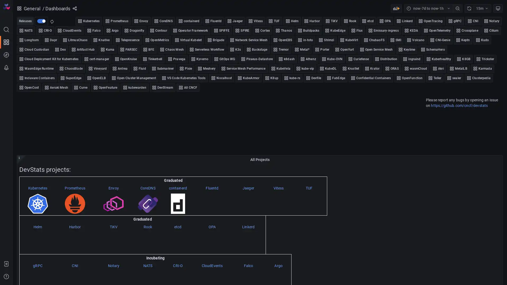 The height and width of the screenshot is (285, 507). Describe the element at coordinates (74, 8) in the screenshot. I see `Share dashboard or panel` at that location.